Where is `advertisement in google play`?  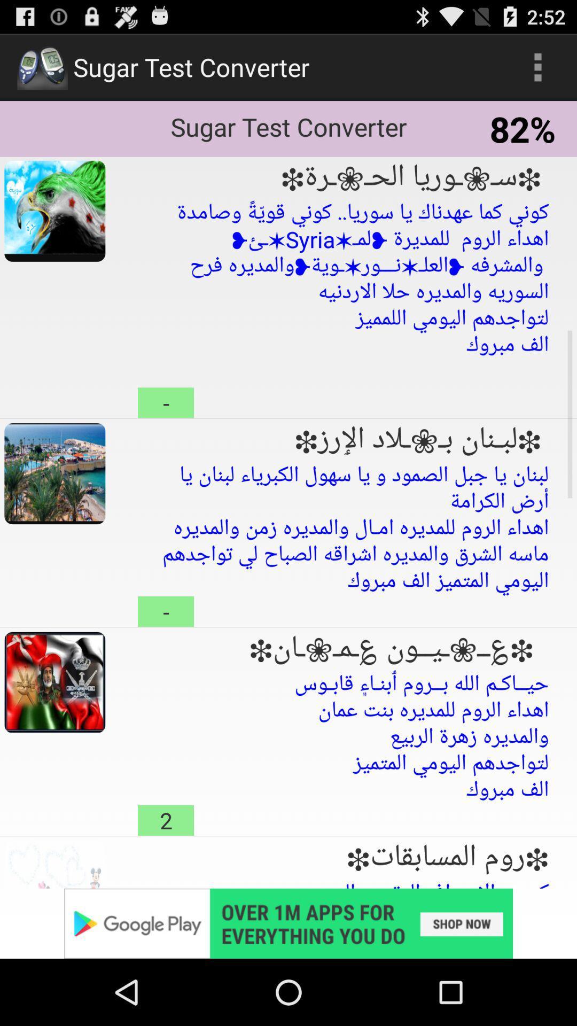 advertisement in google play is located at coordinates (288, 923).